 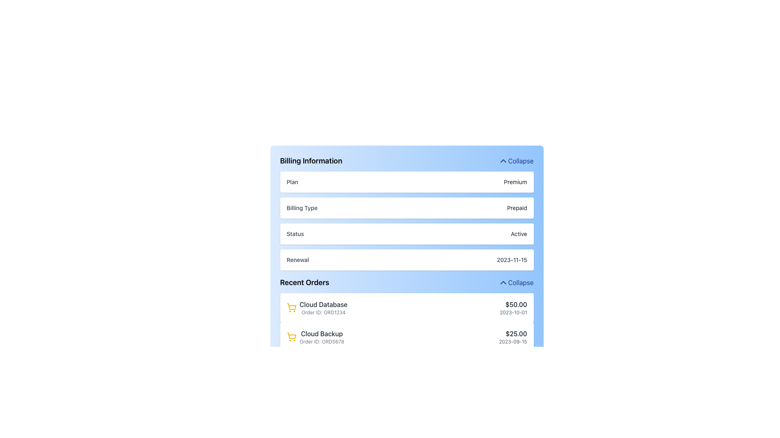 What do you see at coordinates (503, 282) in the screenshot?
I see `the icon button located in the top-right corner of the 'Collapse' text in the 'Recent Orders' section` at bounding box center [503, 282].